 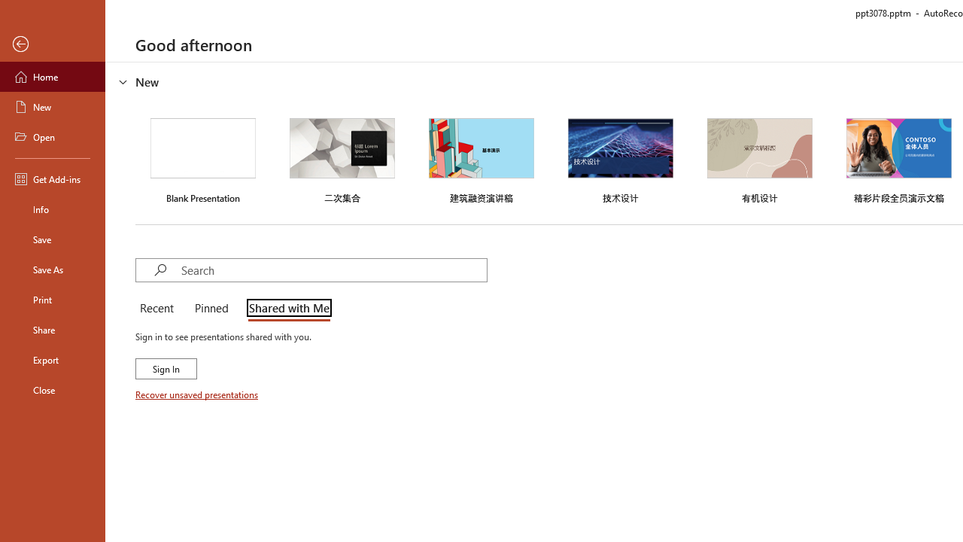 What do you see at coordinates (52, 300) in the screenshot?
I see `'Print'` at bounding box center [52, 300].